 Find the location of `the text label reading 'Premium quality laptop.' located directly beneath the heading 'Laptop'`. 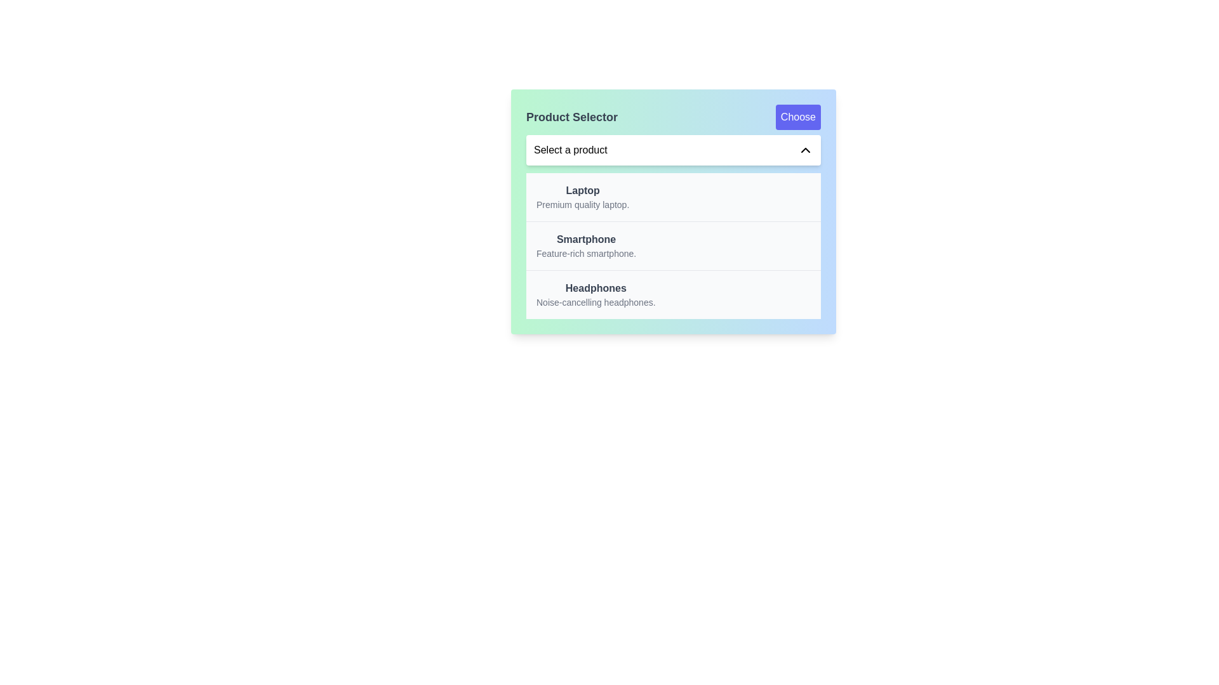

the text label reading 'Premium quality laptop.' located directly beneath the heading 'Laptop' is located at coordinates (582, 204).